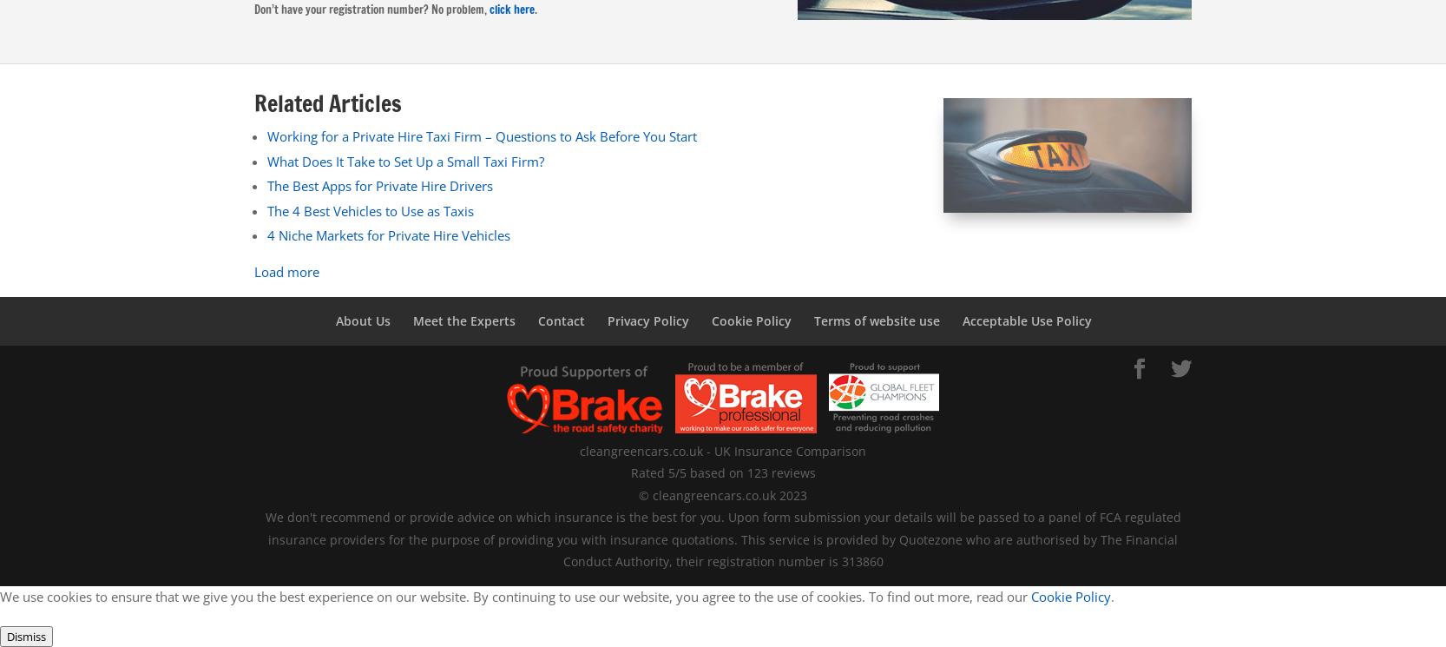 Image resolution: width=1446 pixels, height=647 pixels. Describe the element at coordinates (1025, 320) in the screenshot. I see `'Acceptable Use Policy'` at that location.